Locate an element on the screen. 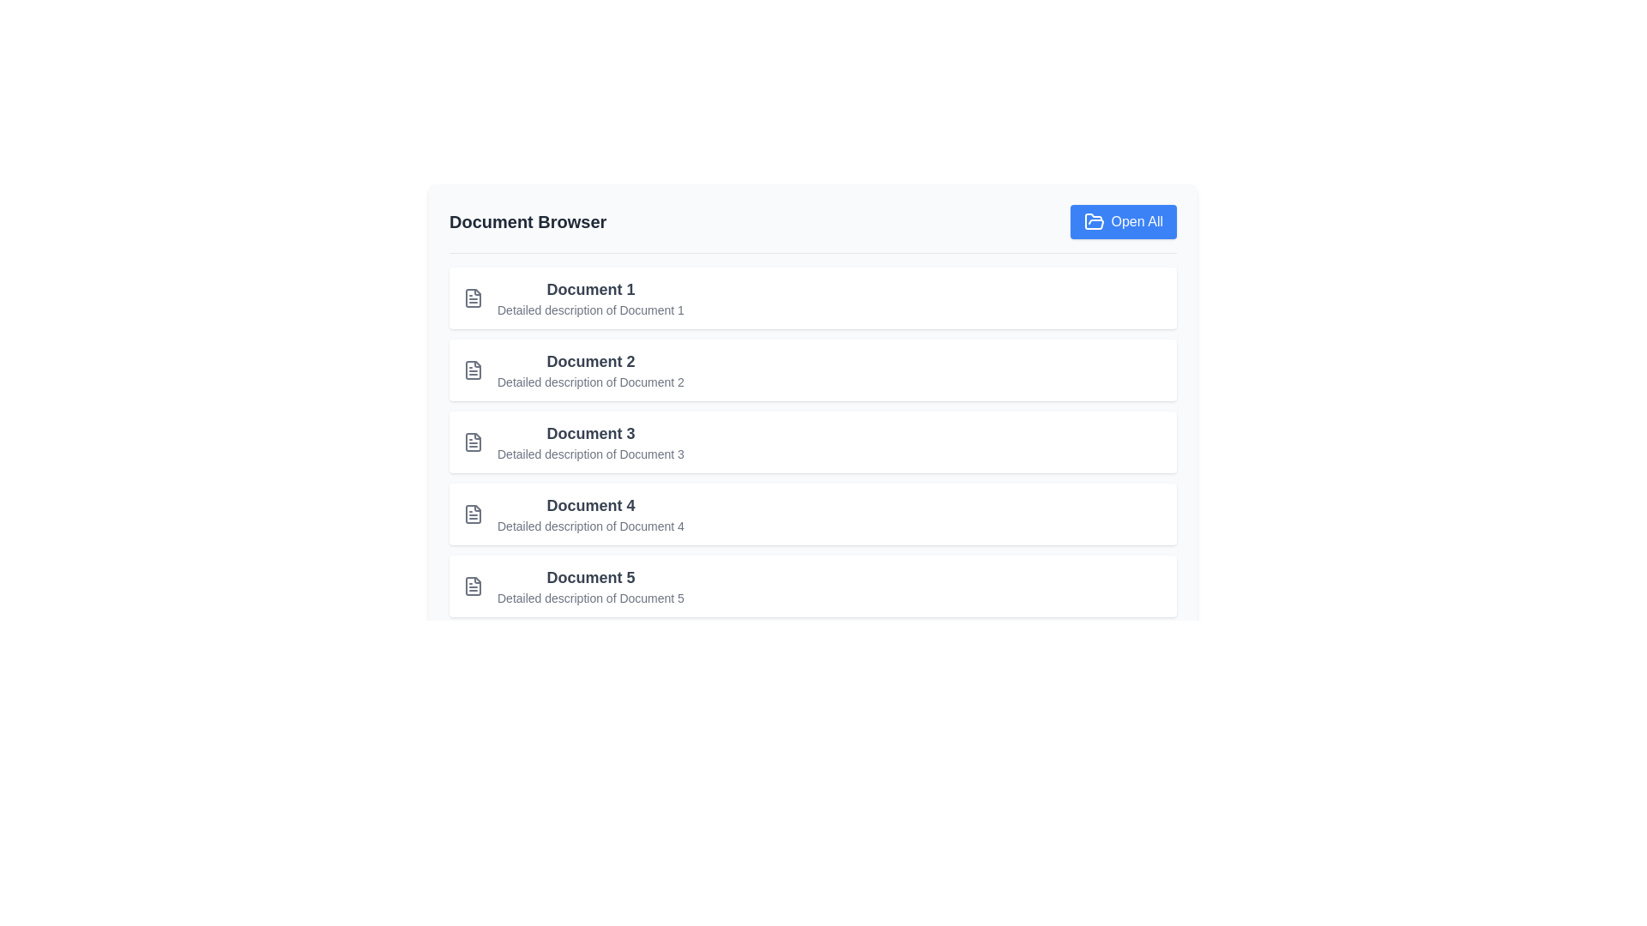  the gray document icon with rounded edges located to the left of the 'Document 4' title is located at coordinates (474, 514).